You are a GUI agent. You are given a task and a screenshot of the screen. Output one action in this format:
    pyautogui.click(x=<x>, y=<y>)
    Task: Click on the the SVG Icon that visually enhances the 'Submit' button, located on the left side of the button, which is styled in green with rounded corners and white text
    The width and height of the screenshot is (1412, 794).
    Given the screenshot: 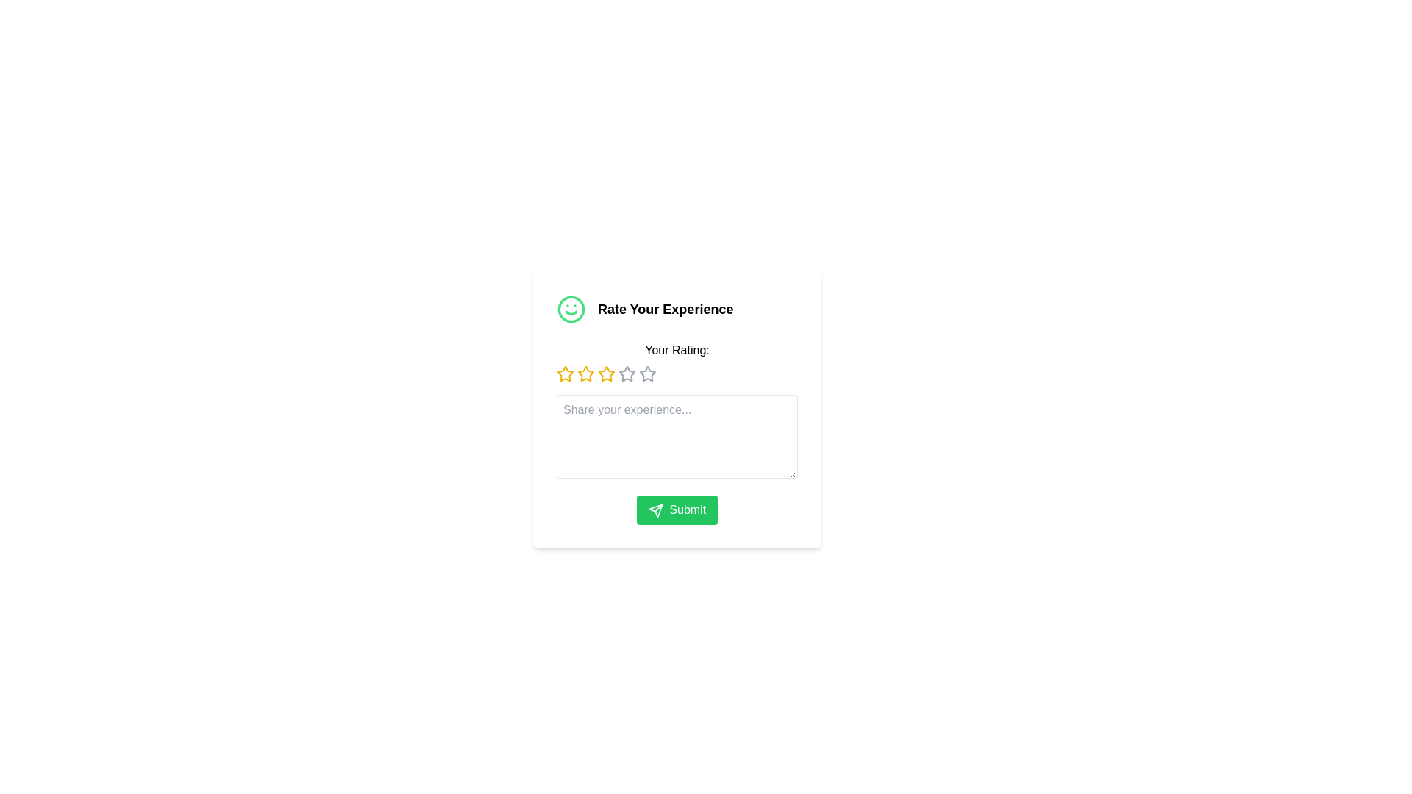 What is the action you would take?
    pyautogui.click(x=655, y=509)
    